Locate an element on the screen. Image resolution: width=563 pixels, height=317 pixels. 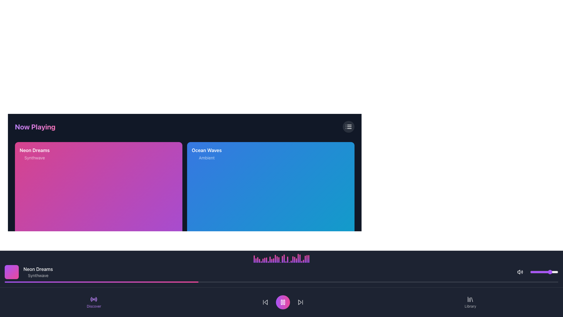
the slider is located at coordinates (530, 272).